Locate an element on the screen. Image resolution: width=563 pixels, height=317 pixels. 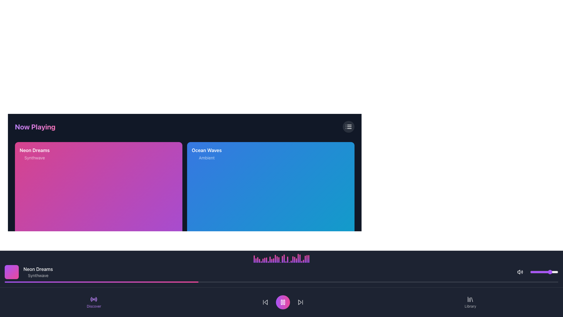
the slider is located at coordinates (530, 272).